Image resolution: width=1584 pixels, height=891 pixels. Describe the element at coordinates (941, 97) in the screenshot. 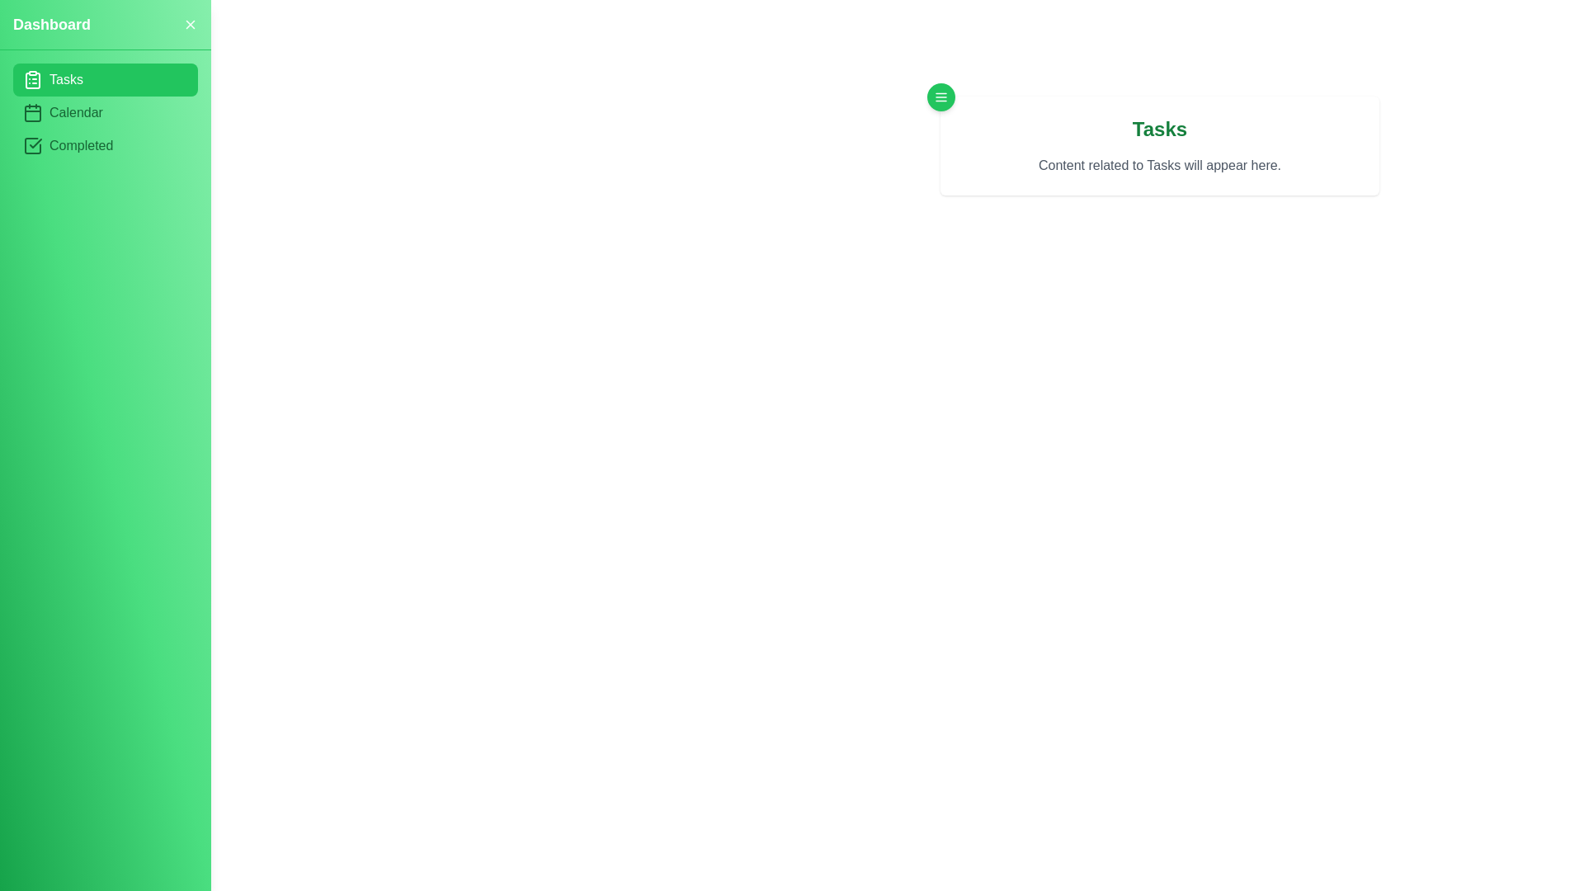

I see `the menu button located at the top-left corner of the screen to toggle the drawer menu` at that location.